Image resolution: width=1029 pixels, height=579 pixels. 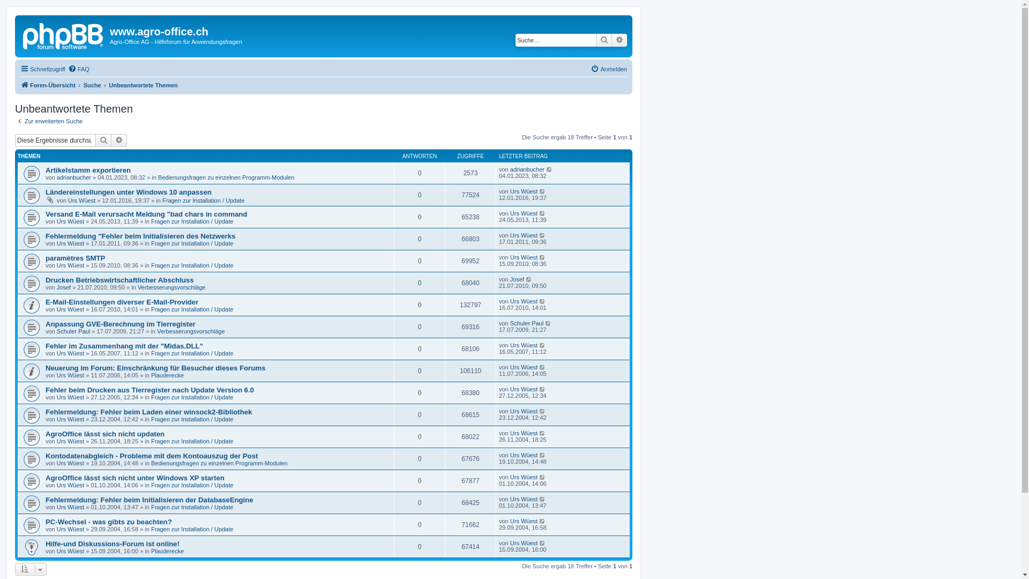 I want to click on 'Hilfe-und Diskussions-Forum ist online!', so click(x=45, y=544).